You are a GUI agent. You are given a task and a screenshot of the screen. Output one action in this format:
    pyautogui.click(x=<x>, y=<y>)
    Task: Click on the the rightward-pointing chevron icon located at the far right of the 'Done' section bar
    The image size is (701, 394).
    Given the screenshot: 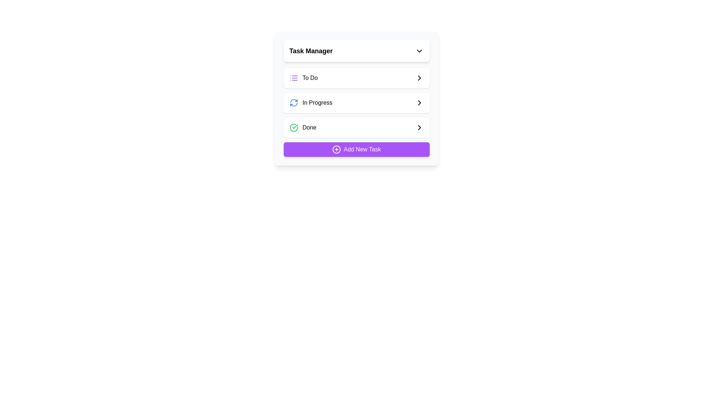 What is the action you would take?
    pyautogui.click(x=419, y=127)
    